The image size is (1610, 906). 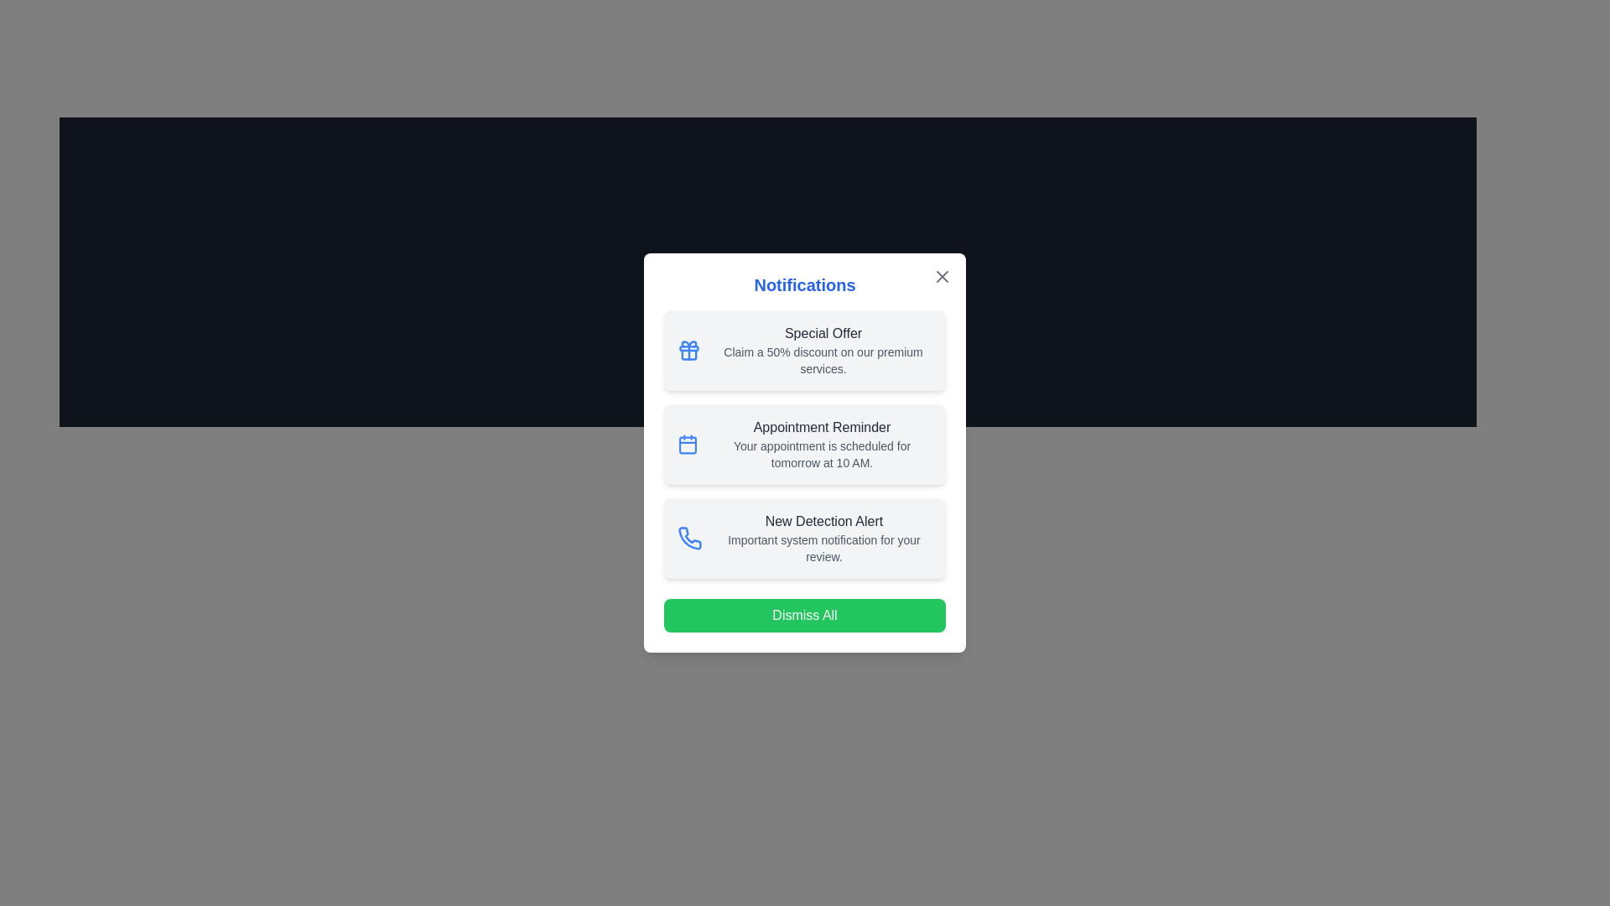 I want to click on text displayed in the Text Block that contains the message 'Your appointment is scheduled for tomorrow at 10 AM.', so click(x=822, y=455).